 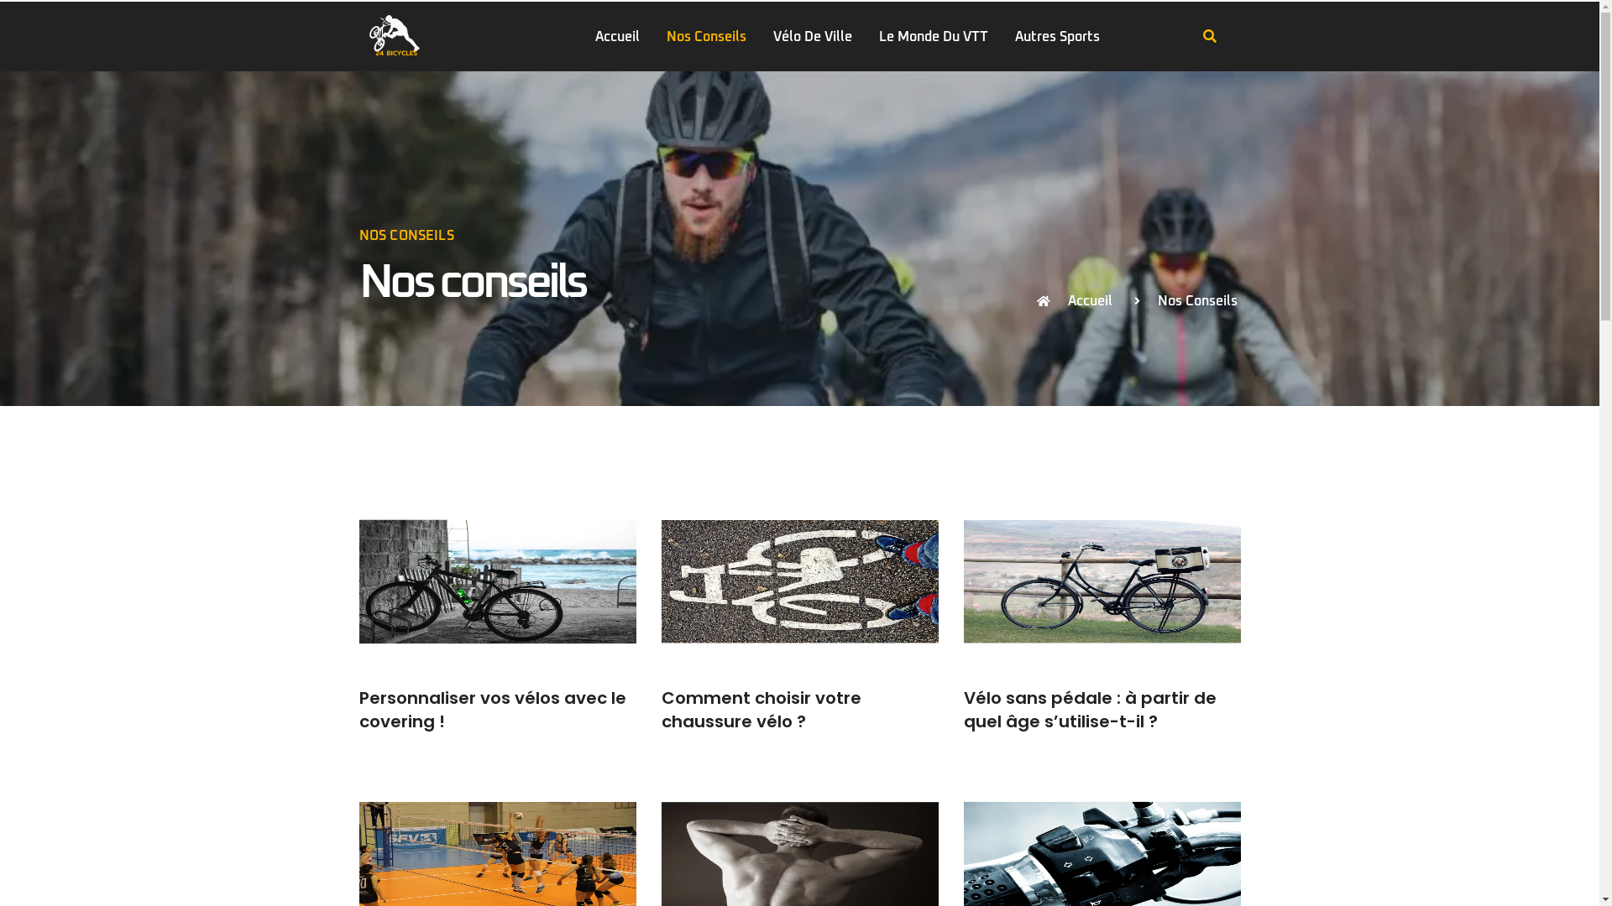 What do you see at coordinates (1056, 36) in the screenshot?
I see `'Autres Sports'` at bounding box center [1056, 36].